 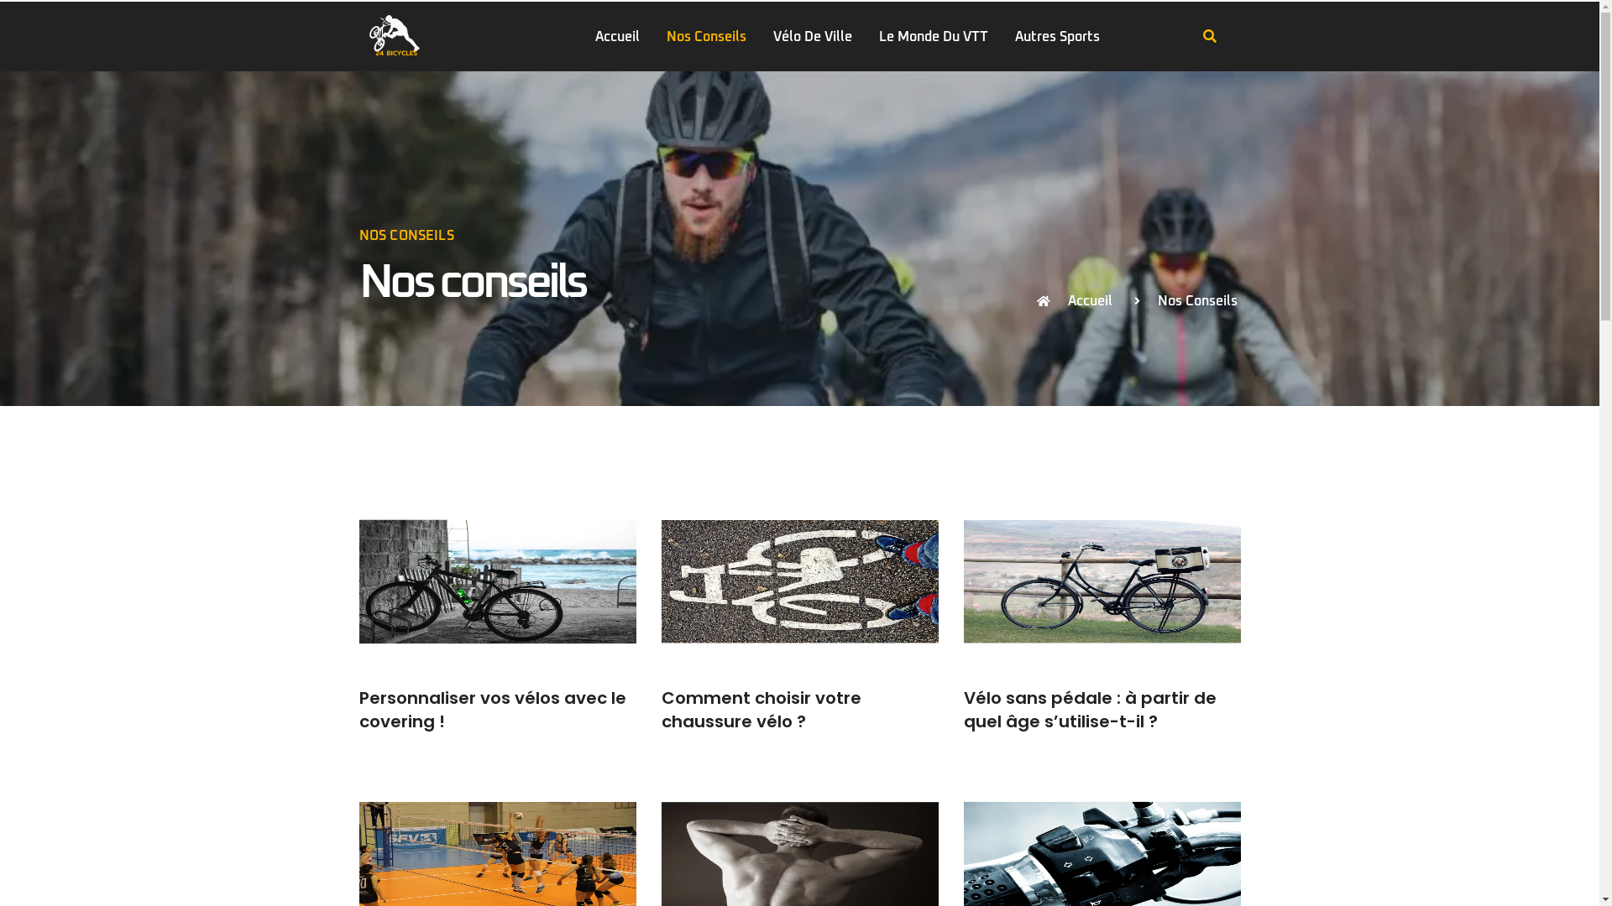 What do you see at coordinates (1056, 36) in the screenshot?
I see `'Autres Sports'` at bounding box center [1056, 36].